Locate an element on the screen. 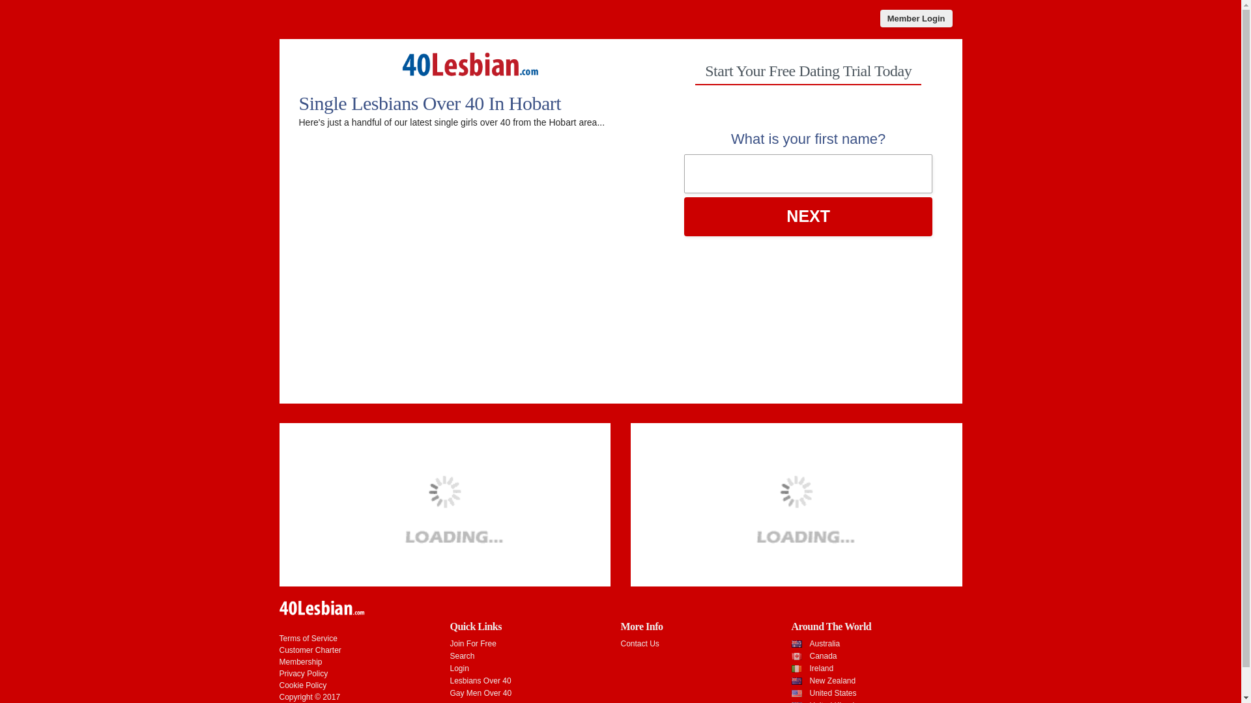 This screenshot has height=703, width=1251. 'Membership' is located at coordinates (299, 662).